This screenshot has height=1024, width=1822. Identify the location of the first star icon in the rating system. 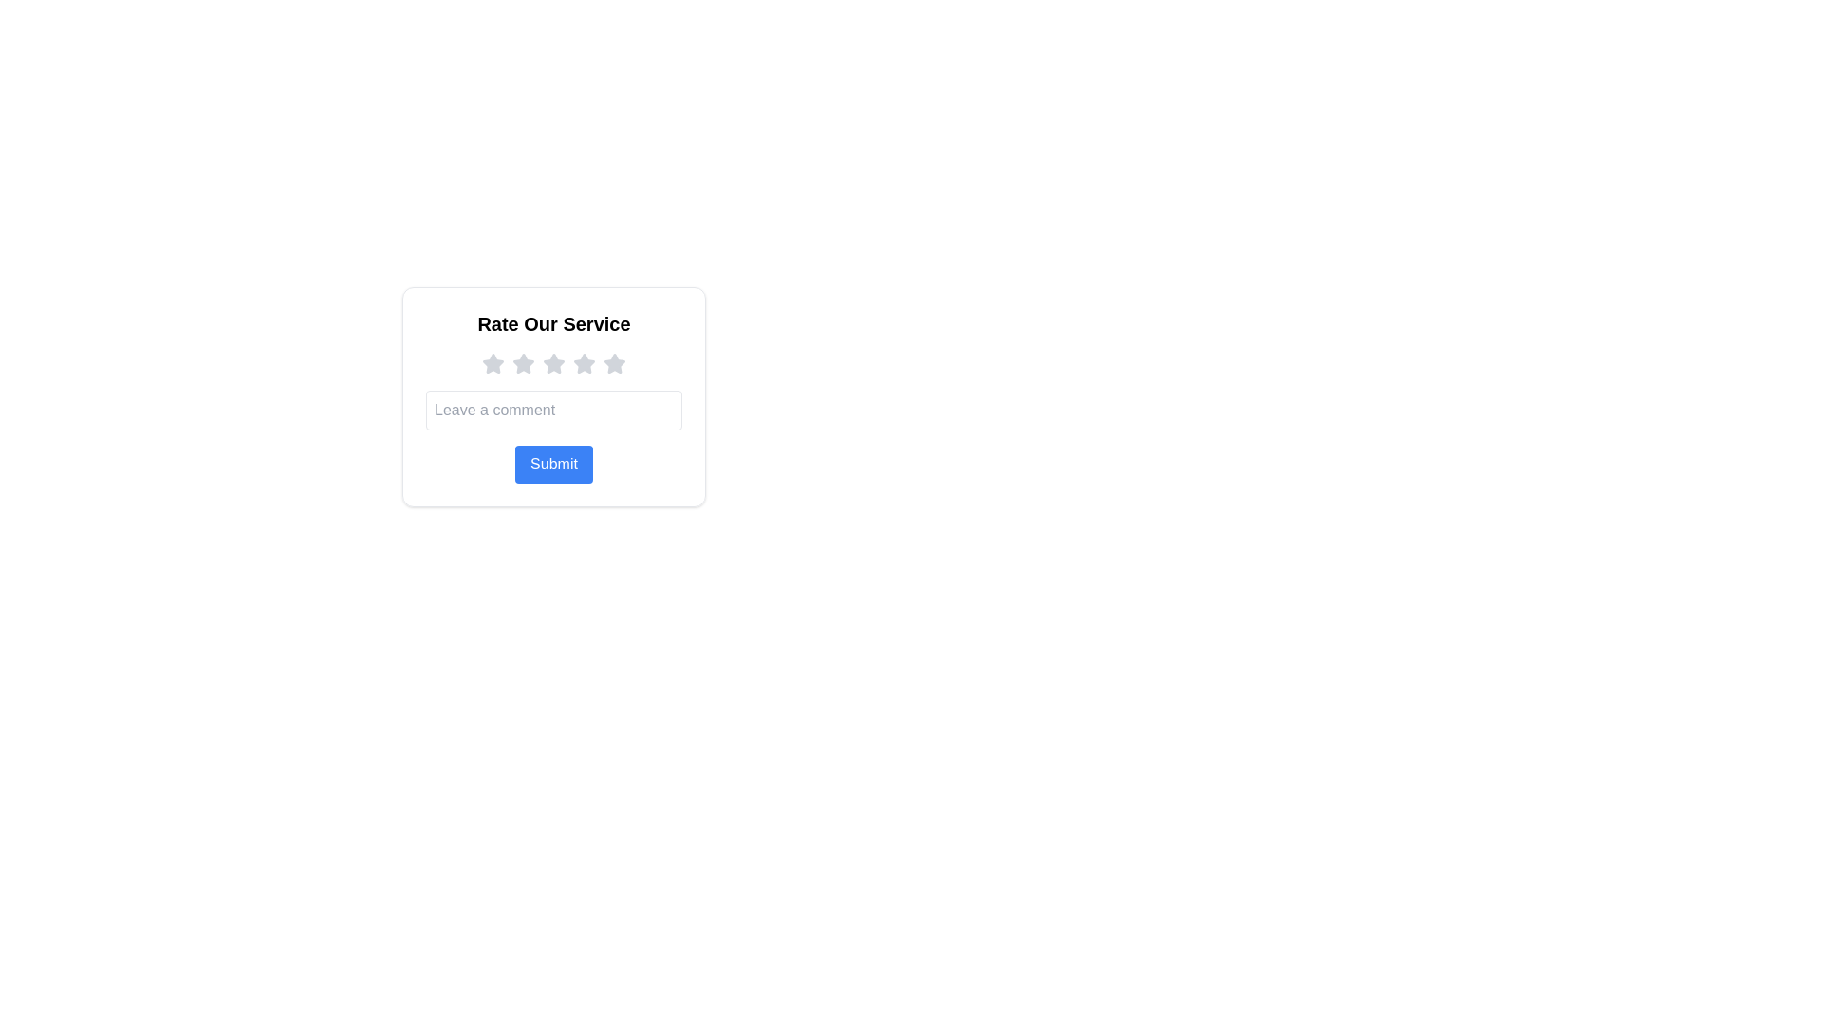
(493, 364).